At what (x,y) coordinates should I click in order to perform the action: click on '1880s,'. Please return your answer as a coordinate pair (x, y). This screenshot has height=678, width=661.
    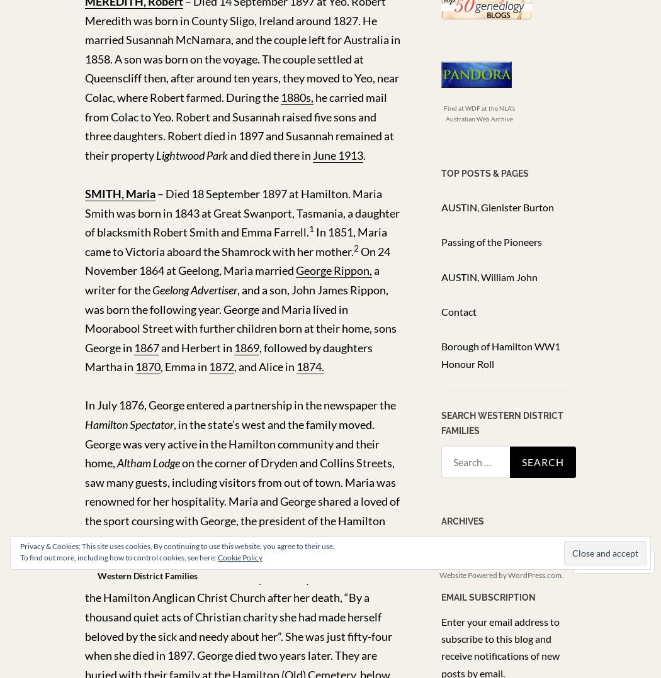
    Looking at the image, I should click on (297, 97).